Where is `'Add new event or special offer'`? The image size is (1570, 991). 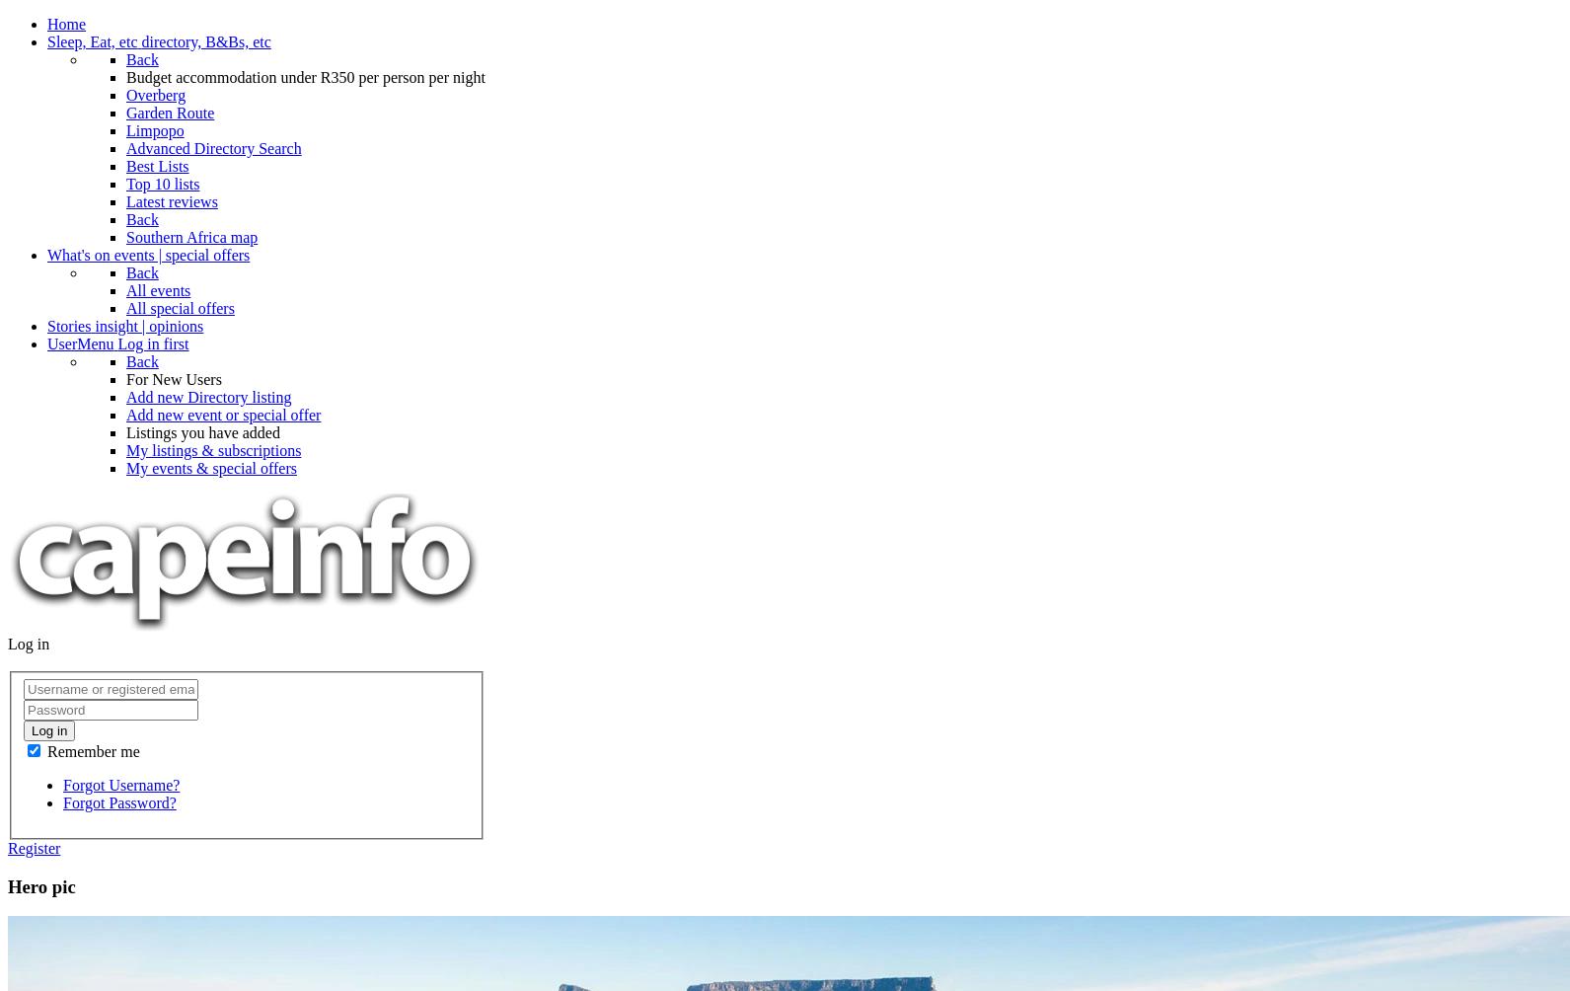 'Add new event or special offer' is located at coordinates (126, 414).